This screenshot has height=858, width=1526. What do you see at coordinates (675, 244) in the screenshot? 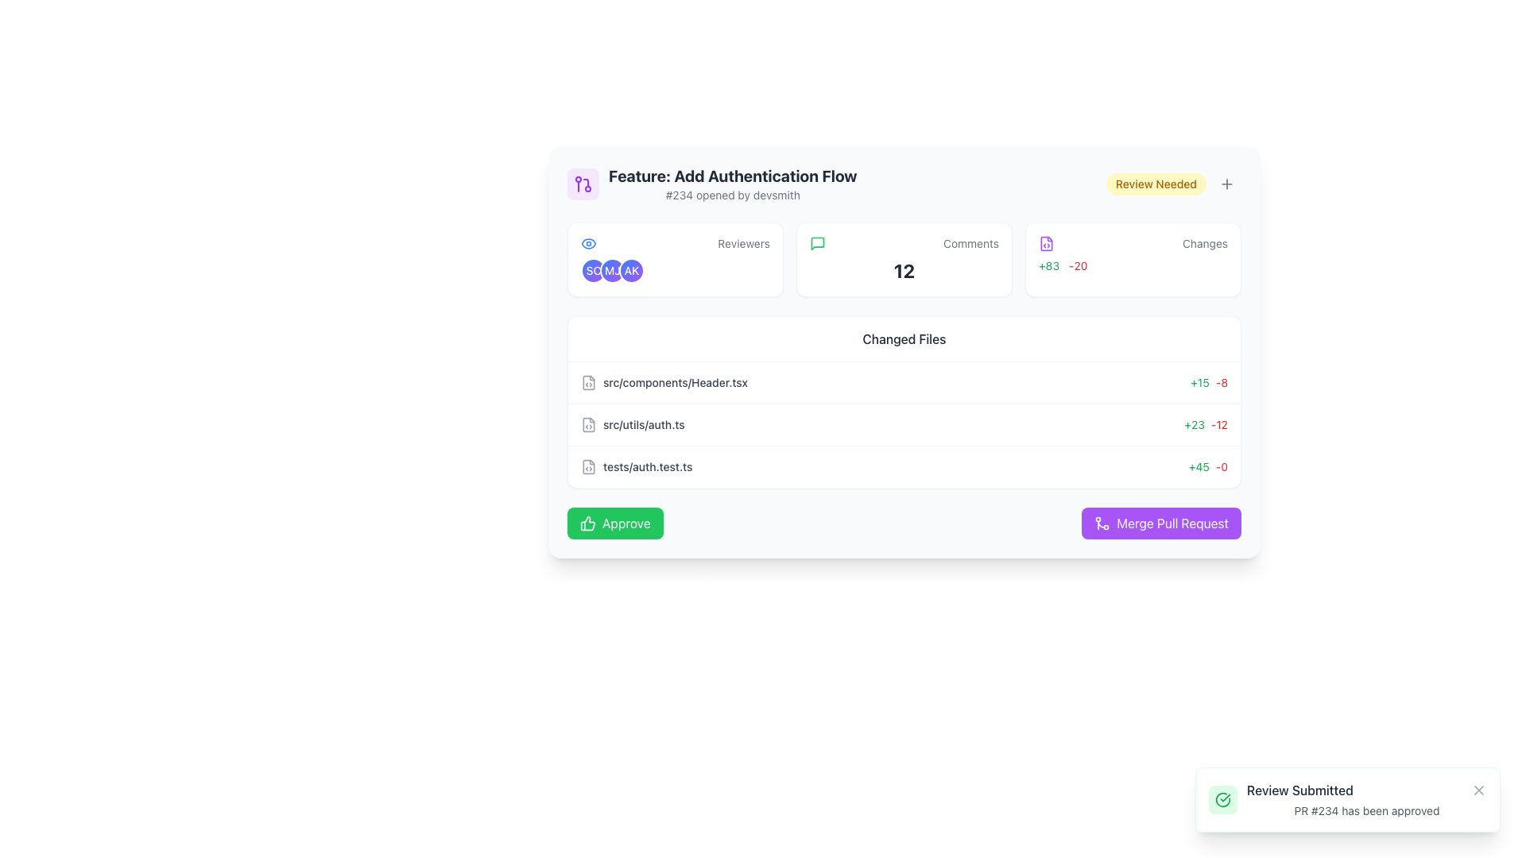
I see `the information provided by the label that includes a blue eye icon followed by the word 'Reviewers' in gray text` at bounding box center [675, 244].